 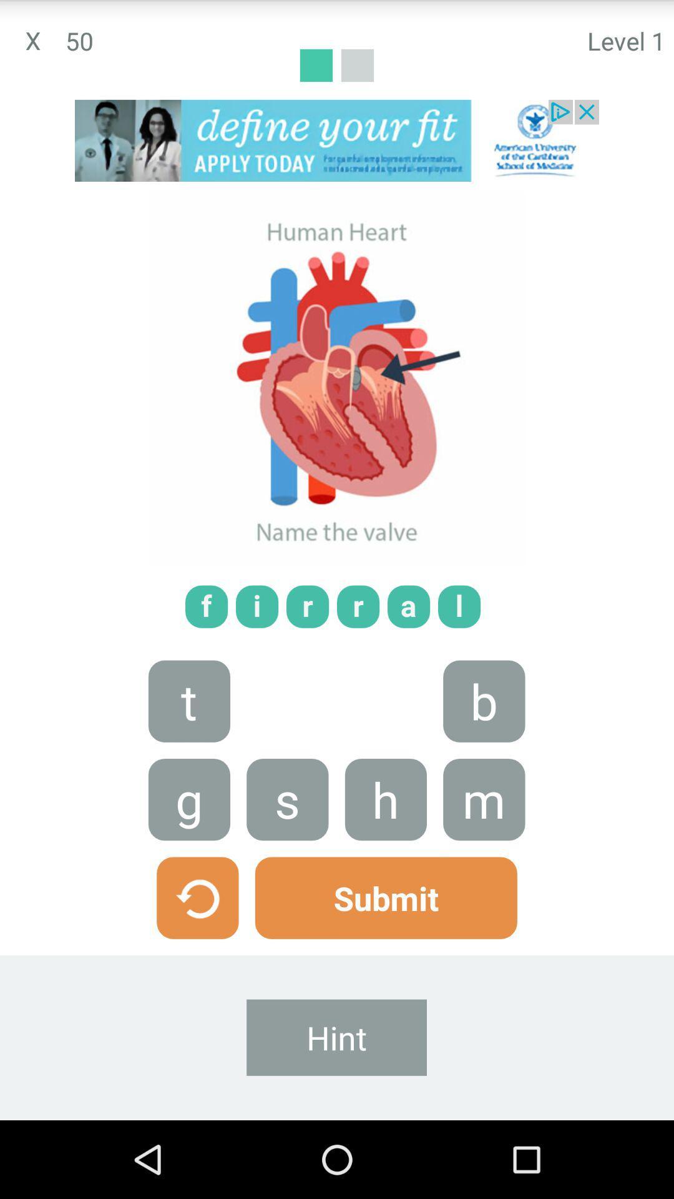 What do you see at coordinates (197, 960) in the screenshot?
I see `the refresh icon` at bounding box center [197, 960].